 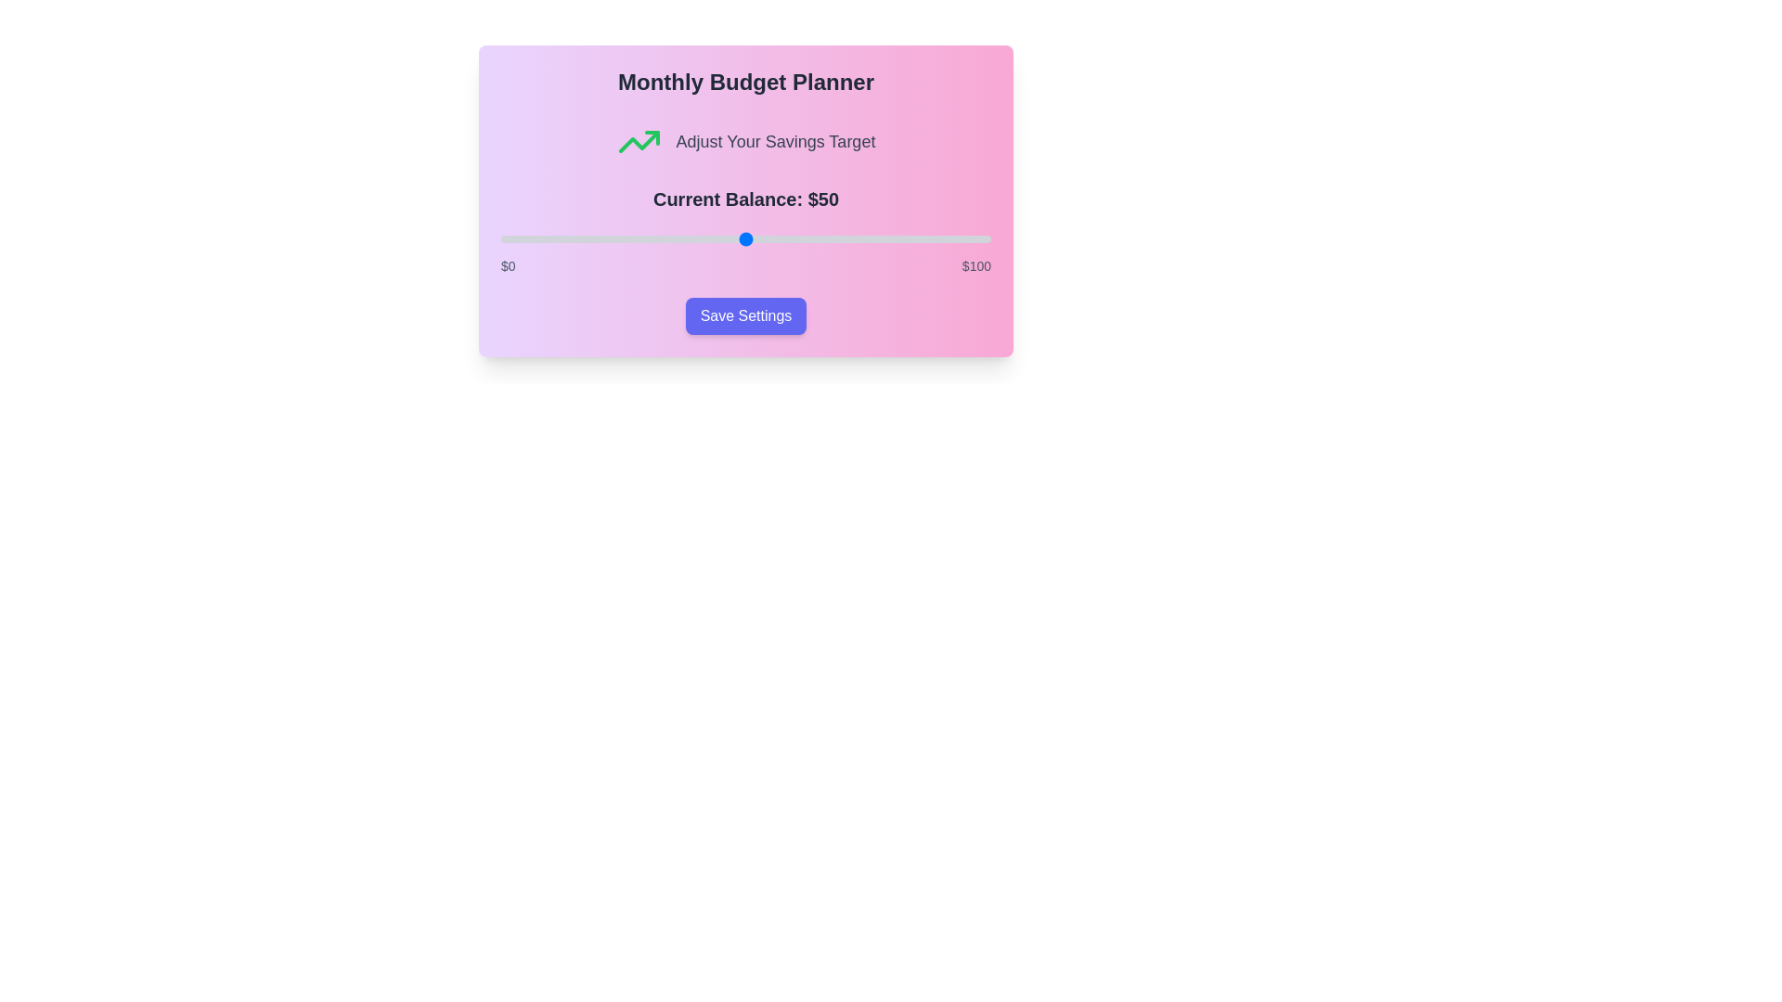 I want to click on the 'Adjust Your Savings Target' text and icon, so click(x=775, y=141).